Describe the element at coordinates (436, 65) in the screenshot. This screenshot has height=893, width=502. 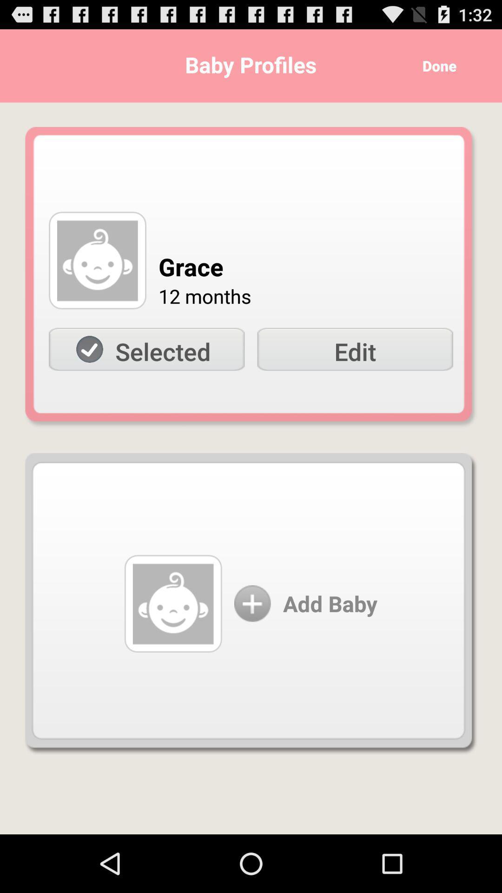
I see `the done icon` at that location.